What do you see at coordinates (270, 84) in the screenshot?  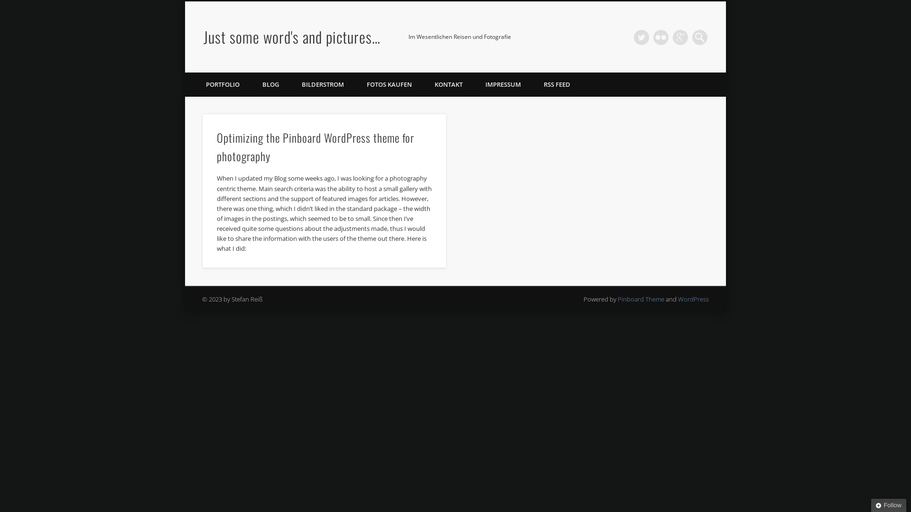 I see `'BLOG'` at bounding box center [270, 84].